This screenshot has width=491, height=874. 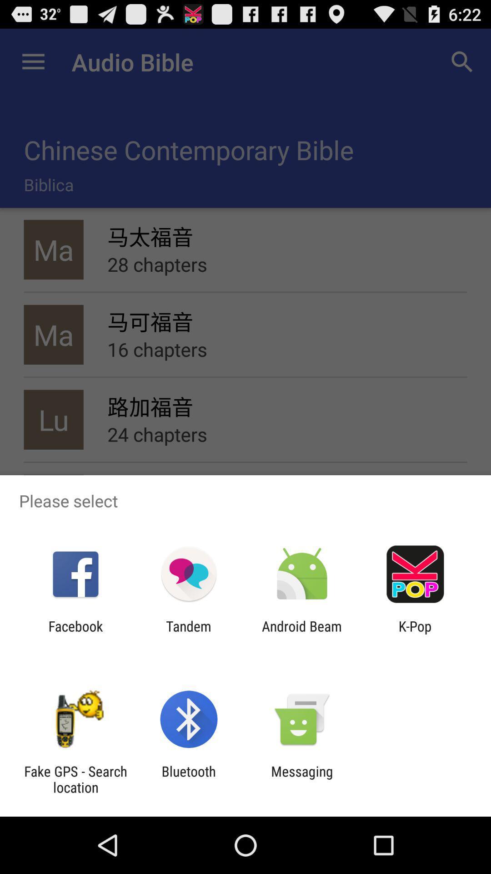 I want to click on app to the left of the messaging item, so click(x=188, y=779).